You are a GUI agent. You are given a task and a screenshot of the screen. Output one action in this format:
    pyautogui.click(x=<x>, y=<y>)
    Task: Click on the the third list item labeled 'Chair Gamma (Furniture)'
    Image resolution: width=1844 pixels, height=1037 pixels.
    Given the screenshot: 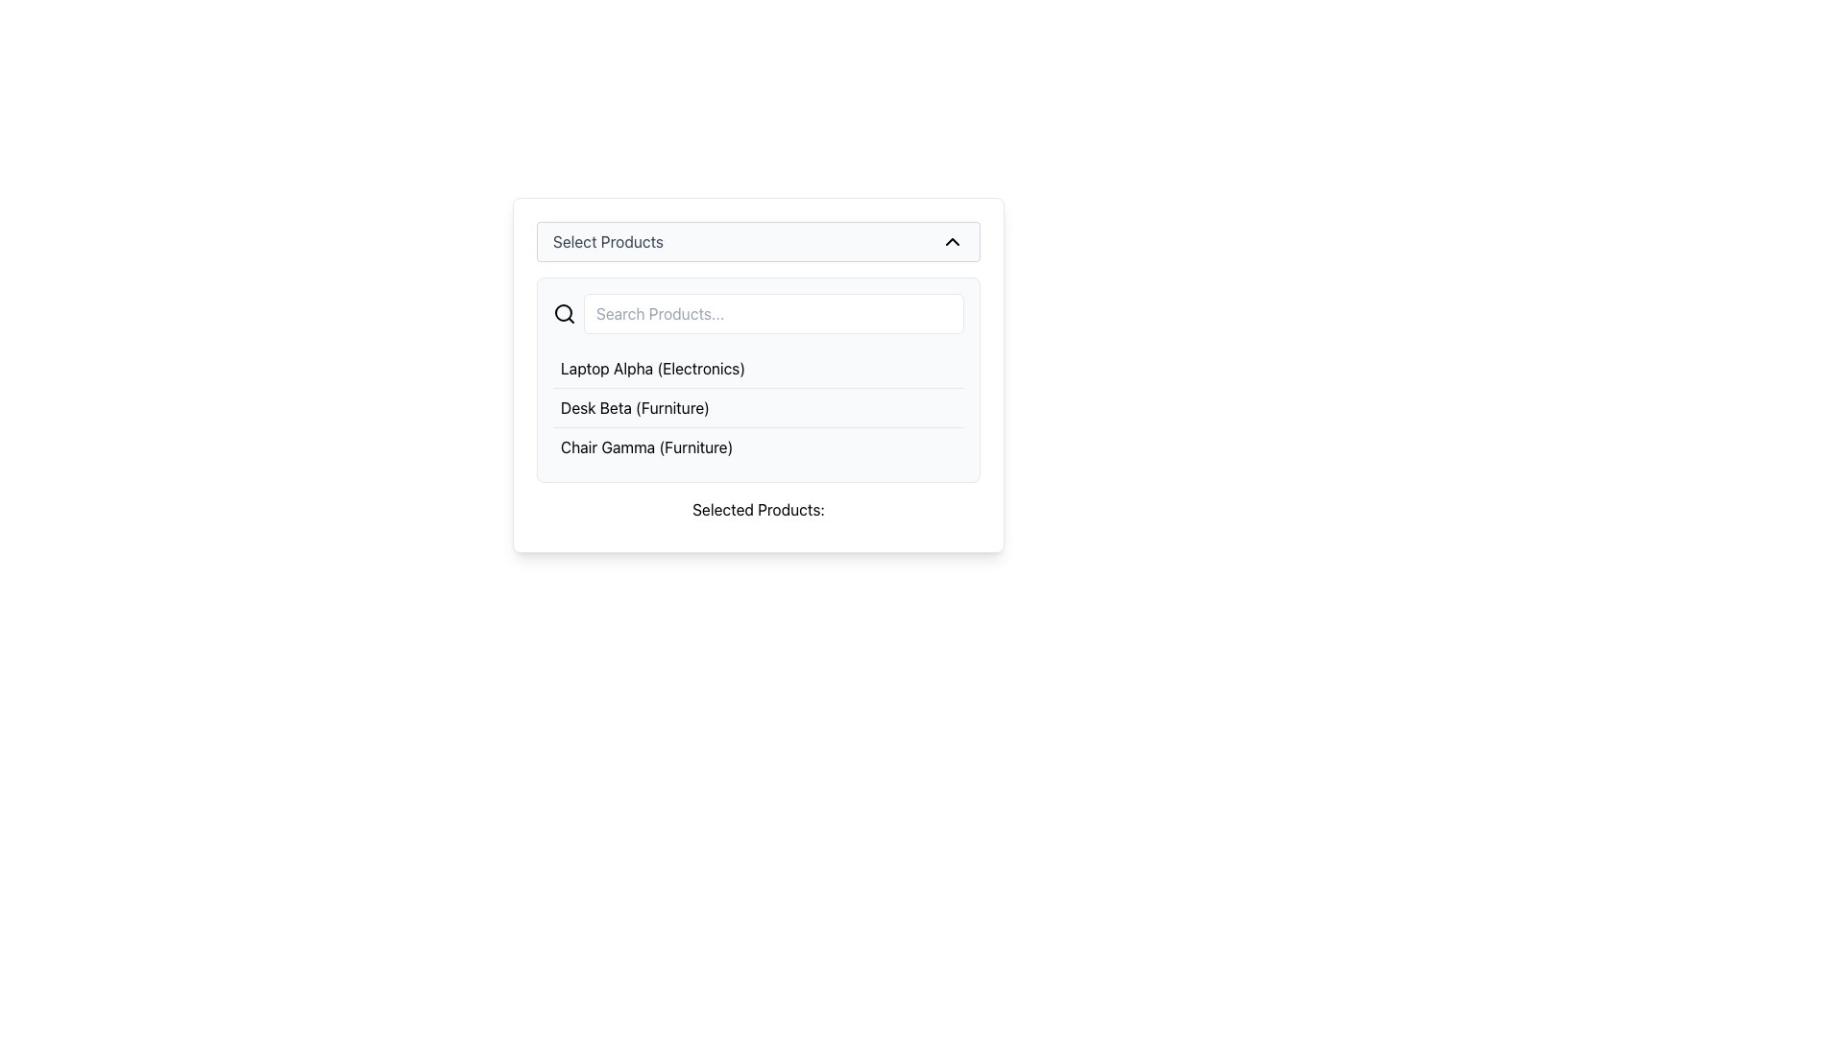 What is the action you would take?
    pyautogui.click(x=758, y=446)
    